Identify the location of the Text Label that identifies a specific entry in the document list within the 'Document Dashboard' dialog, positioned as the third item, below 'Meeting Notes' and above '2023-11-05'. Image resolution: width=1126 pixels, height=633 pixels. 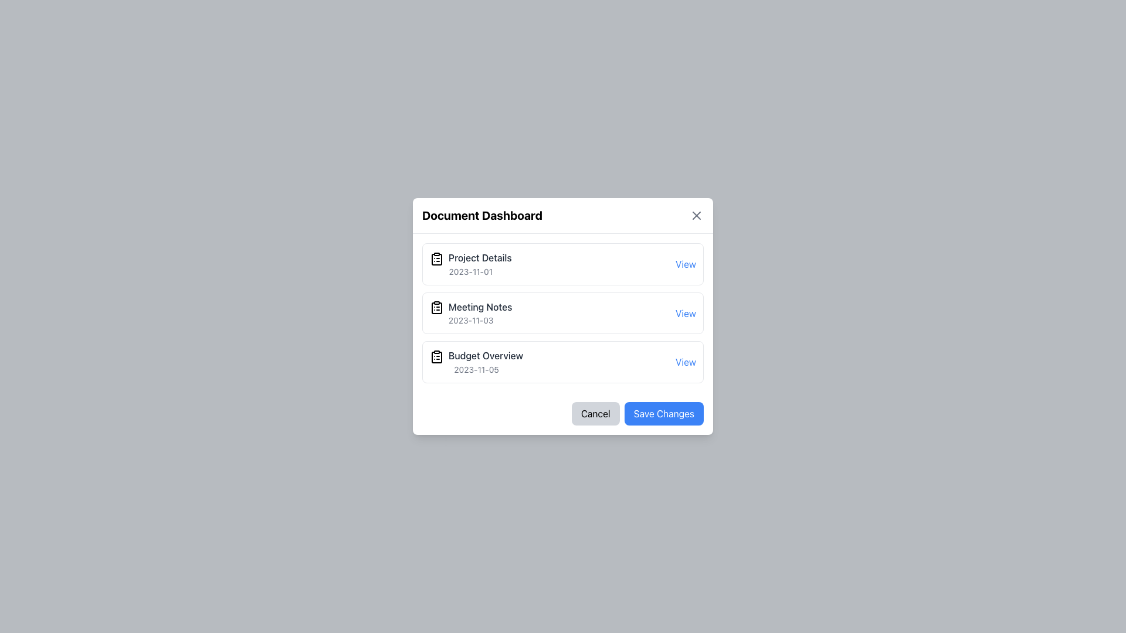
(486, 355).